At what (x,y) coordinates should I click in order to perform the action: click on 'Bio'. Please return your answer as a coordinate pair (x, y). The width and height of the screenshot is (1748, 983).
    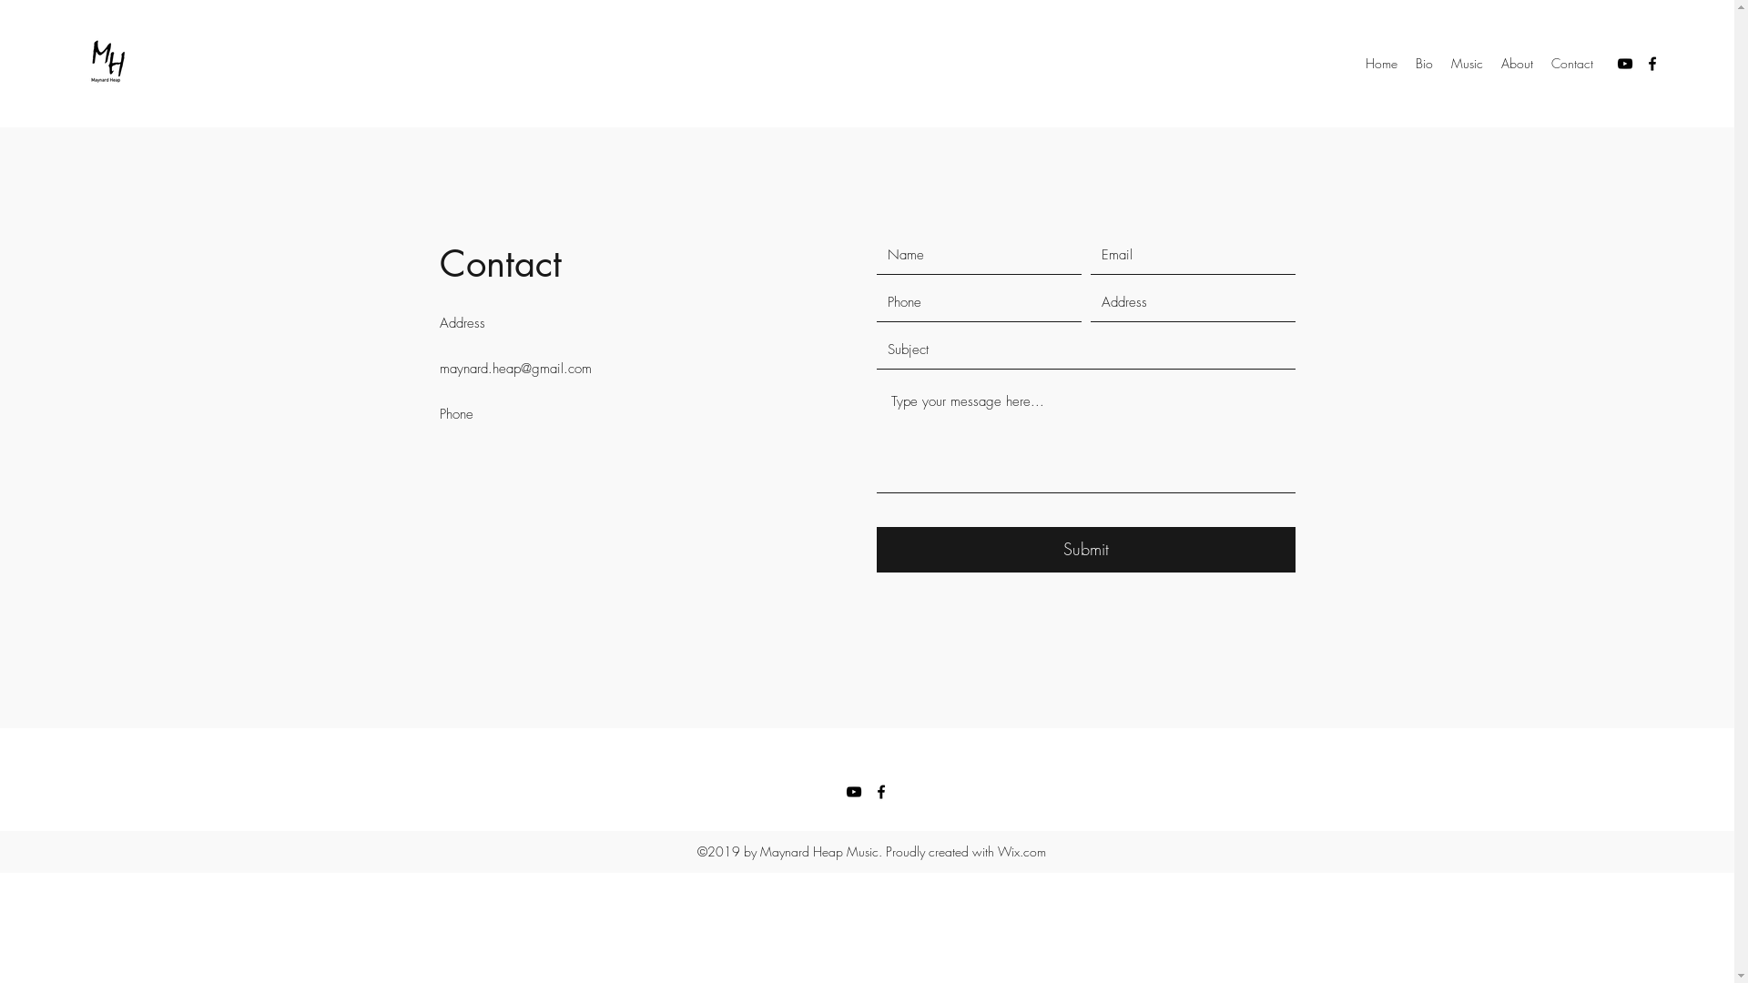
    Looking at the image, I should click on (1423, 62).